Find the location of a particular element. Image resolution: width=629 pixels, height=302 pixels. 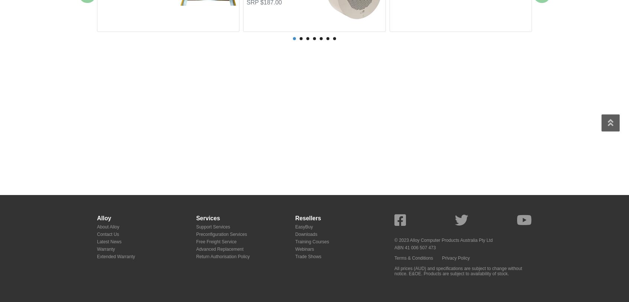

'Privacy Policy' is located at coordinates (441, 257).